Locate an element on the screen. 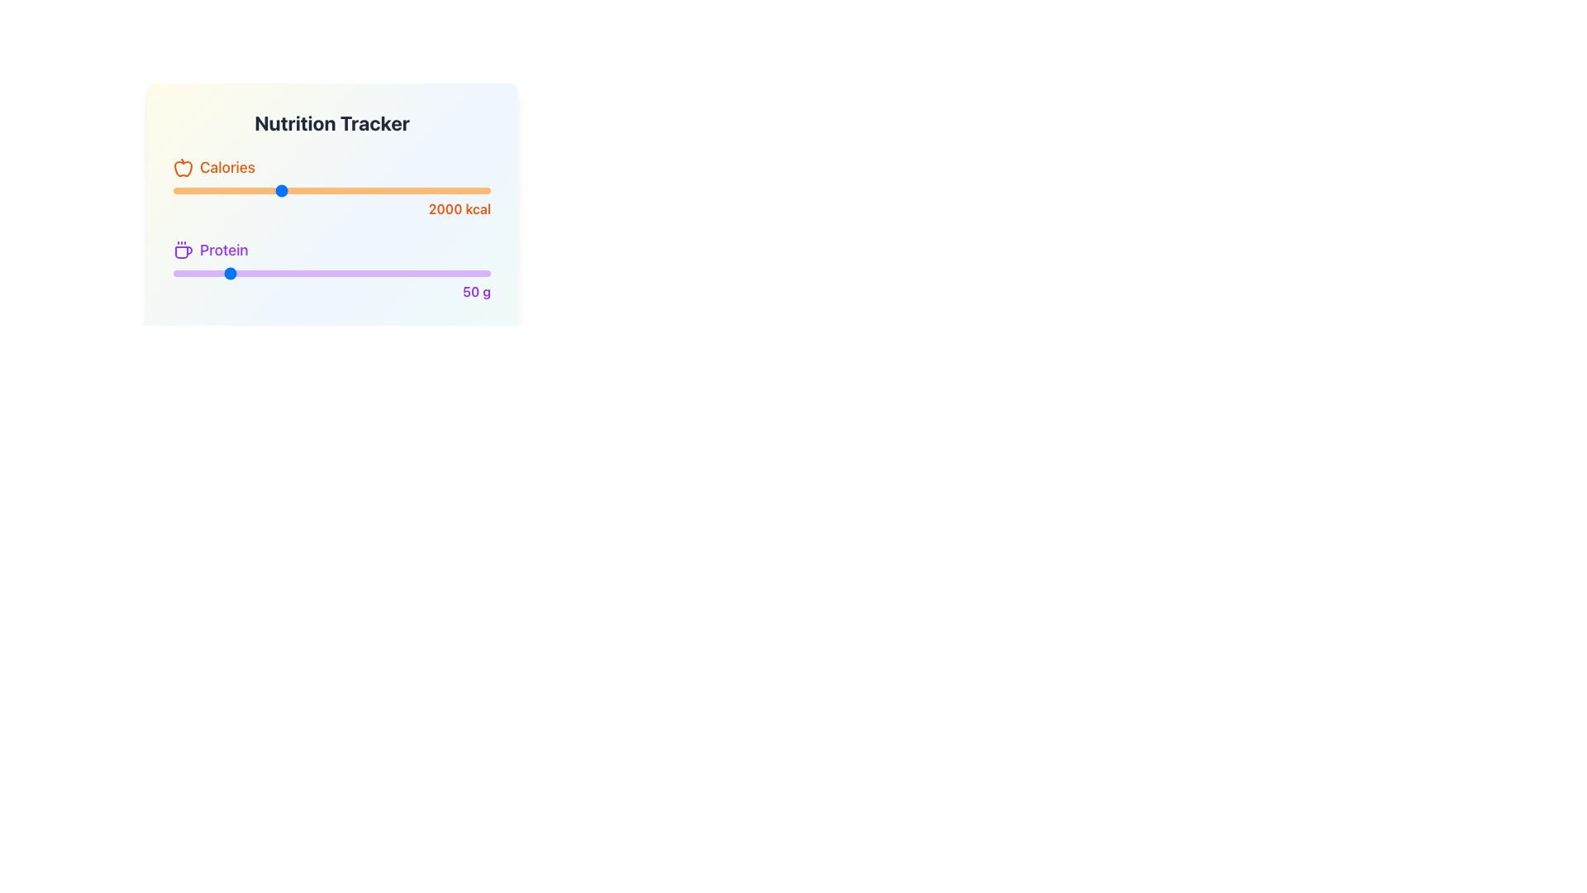 Image resolution: width=1587 pixels, height=893 pixels. protein quantity is located at coordinates (274, 273).